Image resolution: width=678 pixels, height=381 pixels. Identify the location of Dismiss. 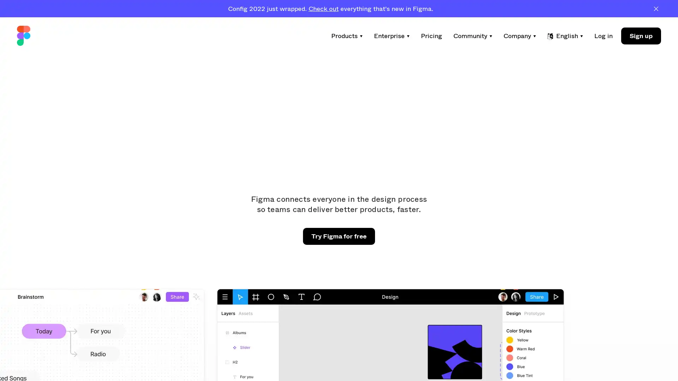
(655, 8).